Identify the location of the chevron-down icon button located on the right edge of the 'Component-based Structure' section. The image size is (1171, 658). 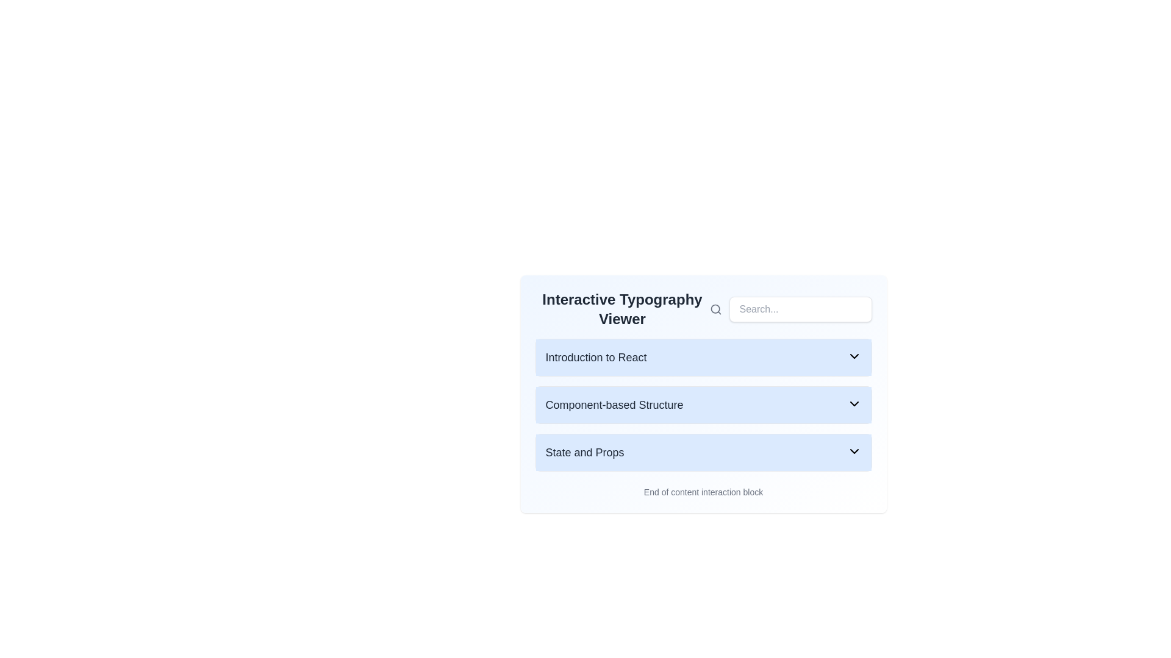
(853, 404).